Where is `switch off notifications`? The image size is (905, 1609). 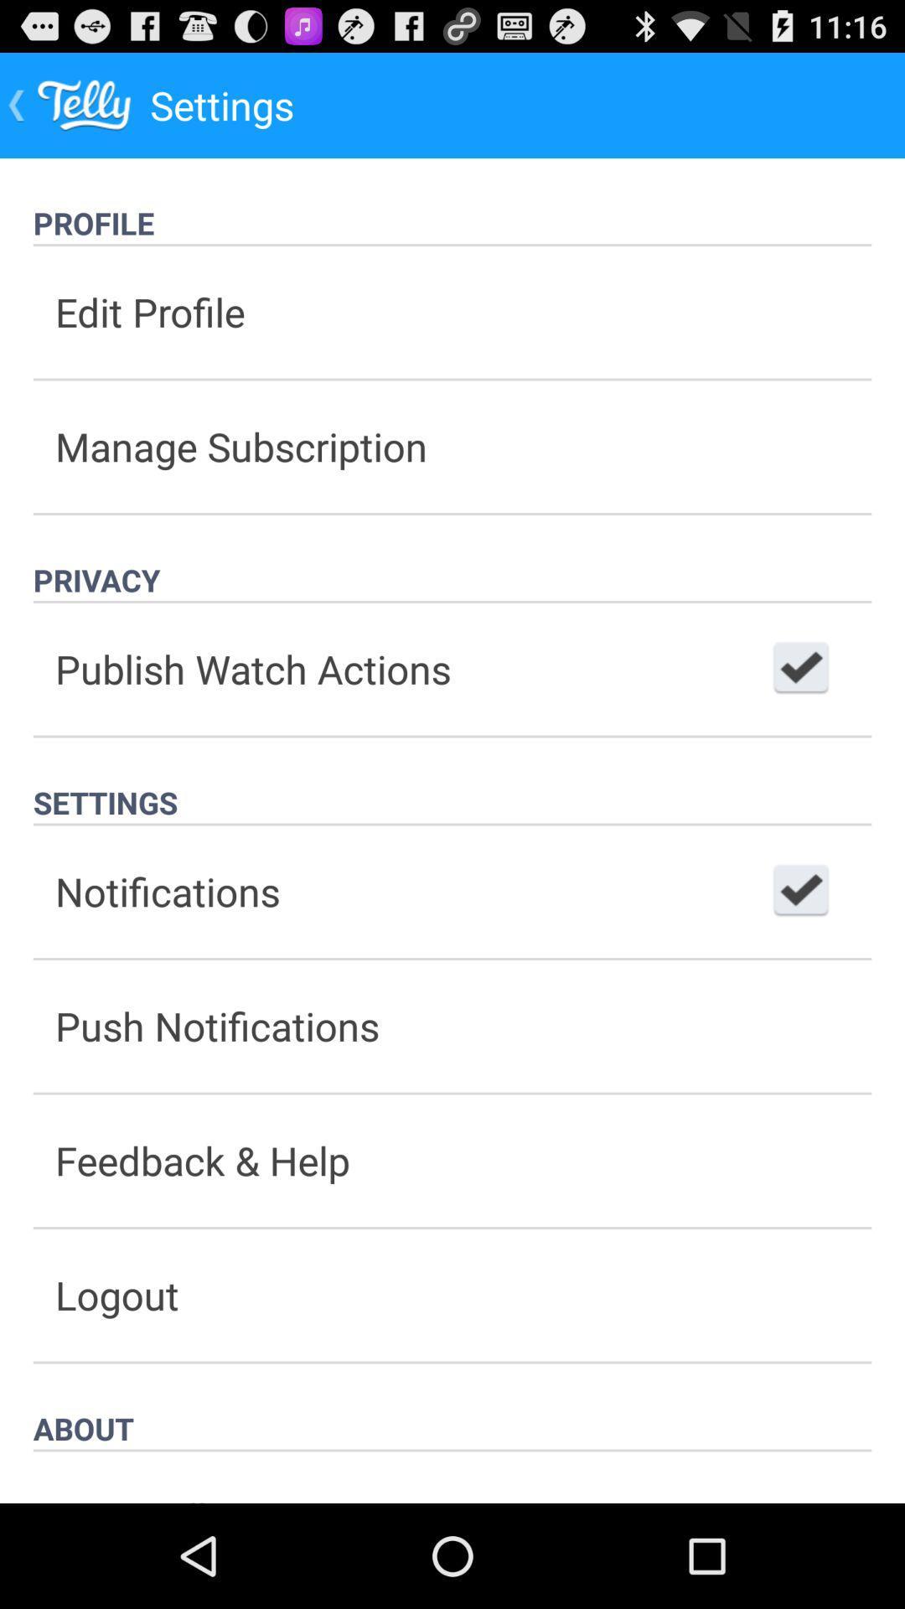
switch off notifications is located at coordinates (800, 891).